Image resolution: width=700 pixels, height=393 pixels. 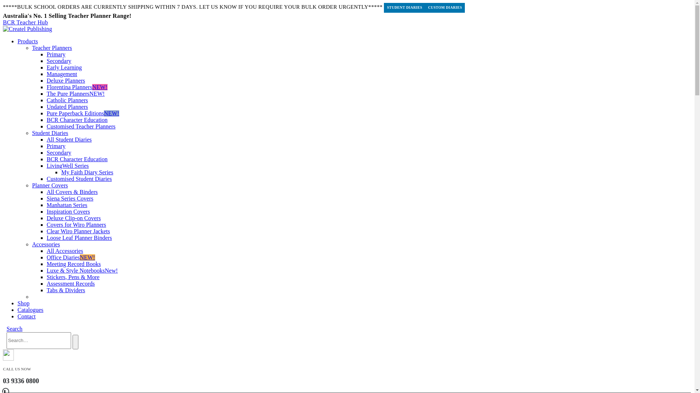 What do you see at coordinates (55, 54) in the screenshot?
I see `'Primary'` at bounding box center [55, 54].